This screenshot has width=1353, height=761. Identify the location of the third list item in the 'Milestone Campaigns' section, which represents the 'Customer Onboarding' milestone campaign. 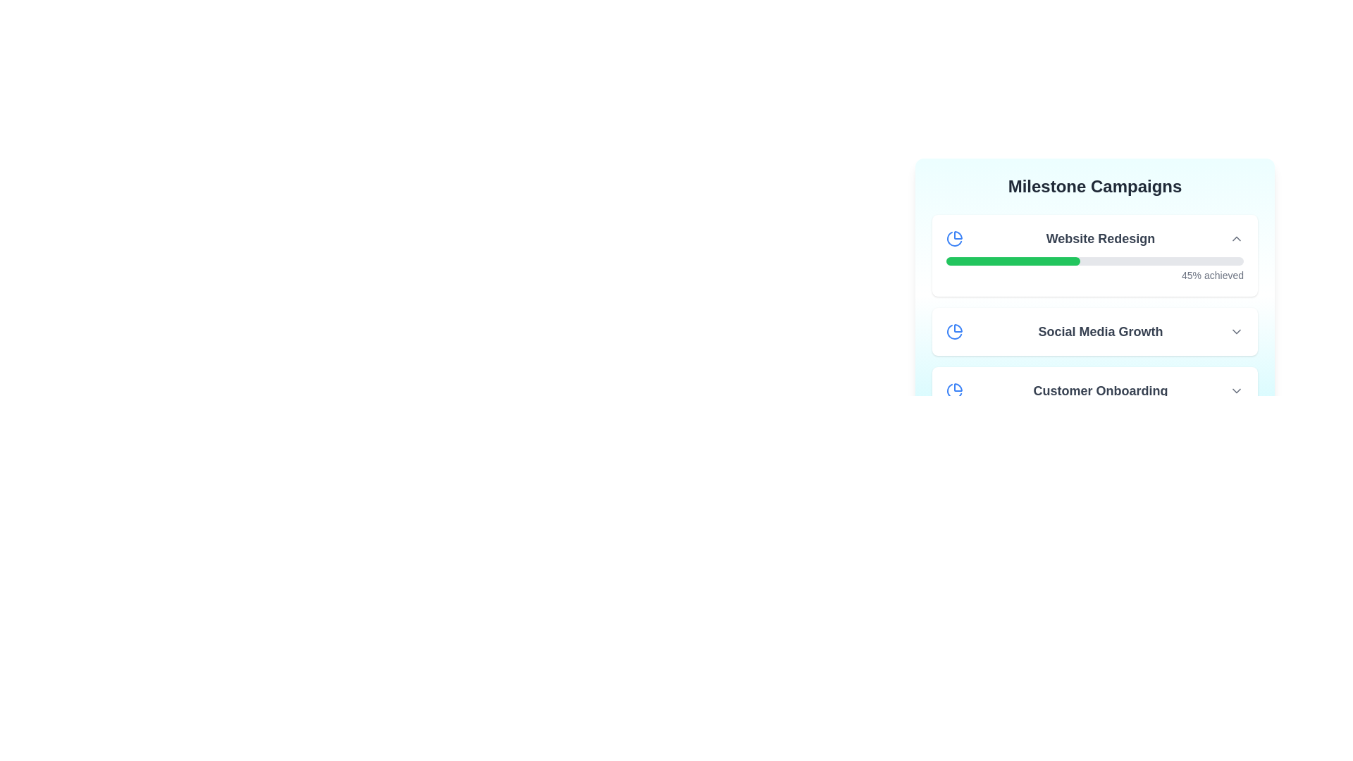
(1094, 391).